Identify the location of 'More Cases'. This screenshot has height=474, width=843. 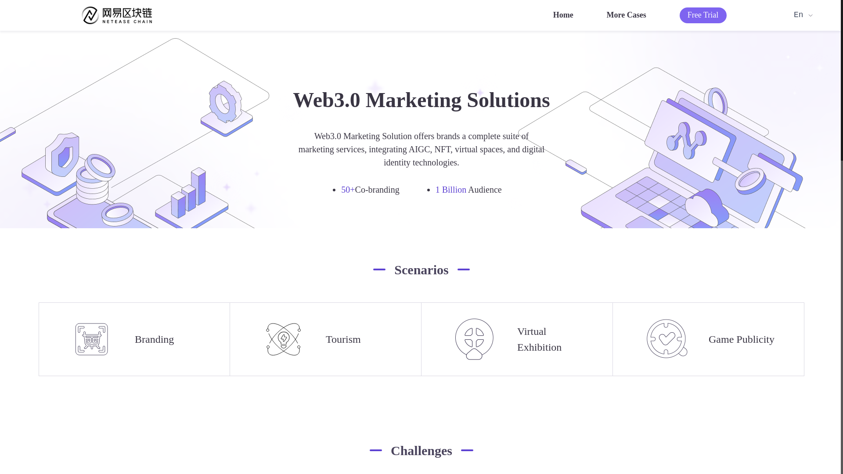
(626, 15).